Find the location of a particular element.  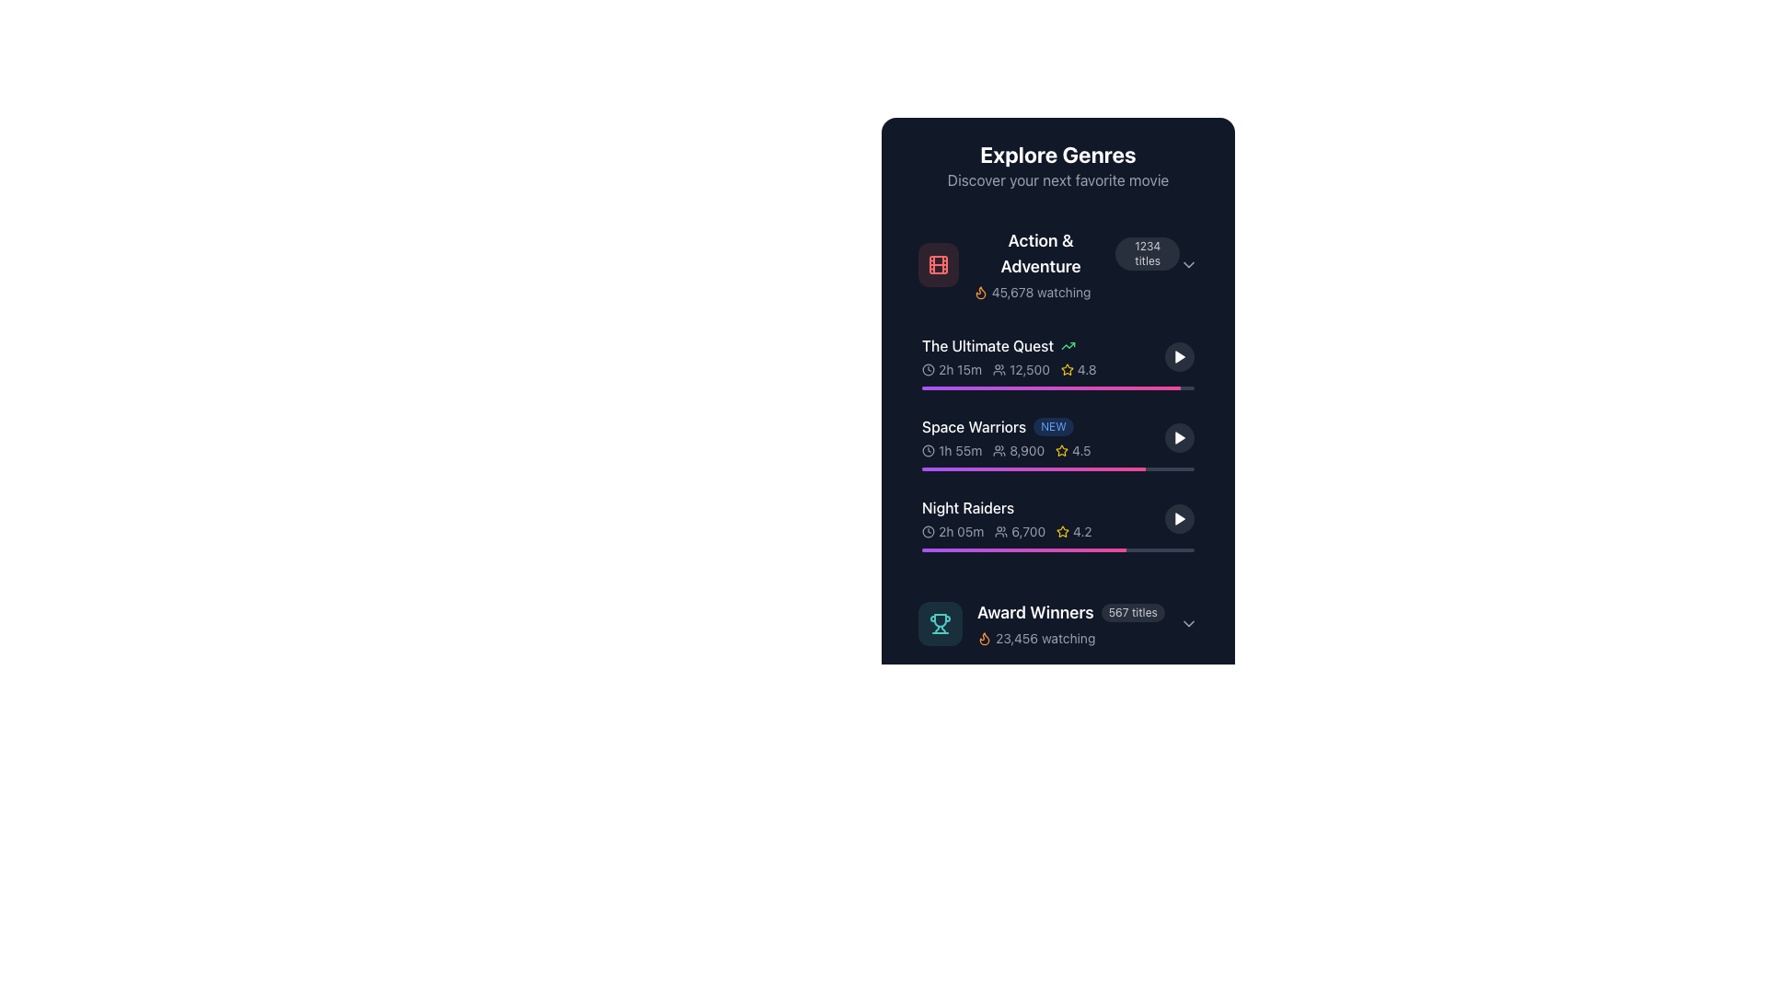

the trophy icon representing the 'Award Winners' category located at the bottom section of the interface is located at coordinates (941, 620).